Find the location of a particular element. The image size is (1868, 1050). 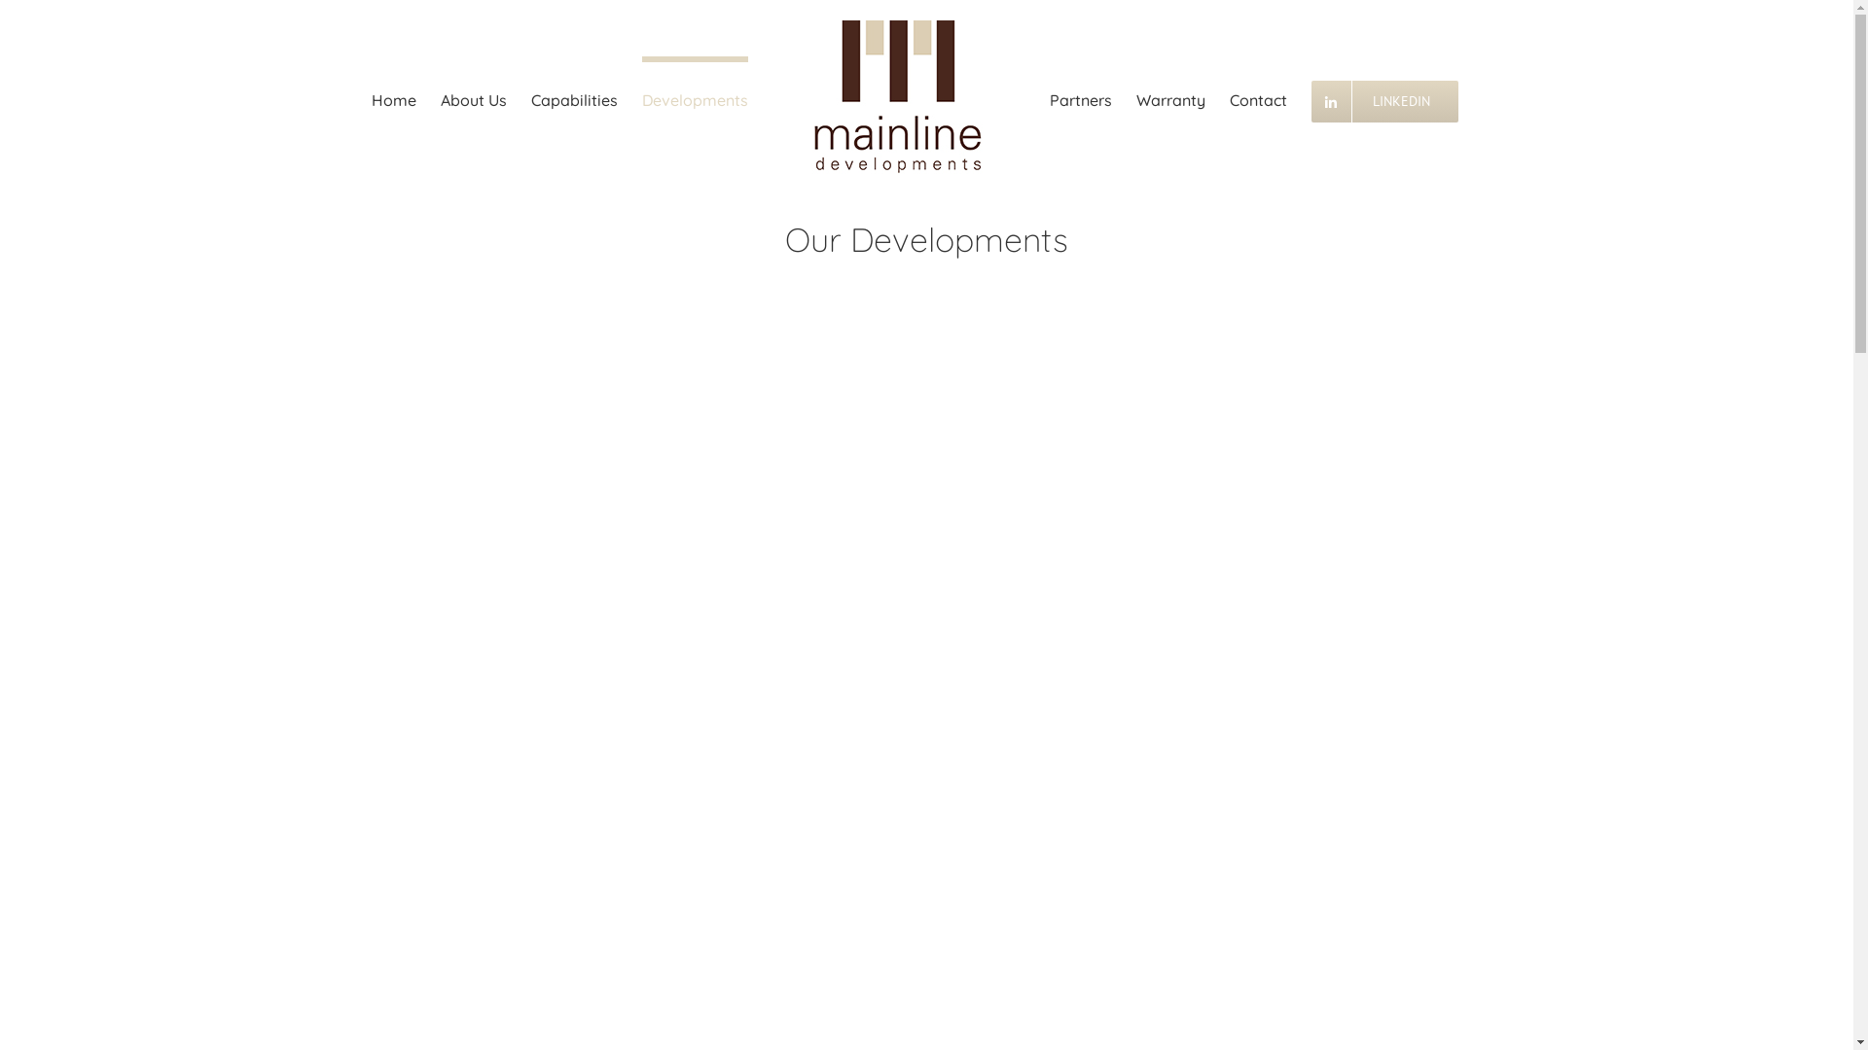

'Partners' is located at coordinates (1048, 97).